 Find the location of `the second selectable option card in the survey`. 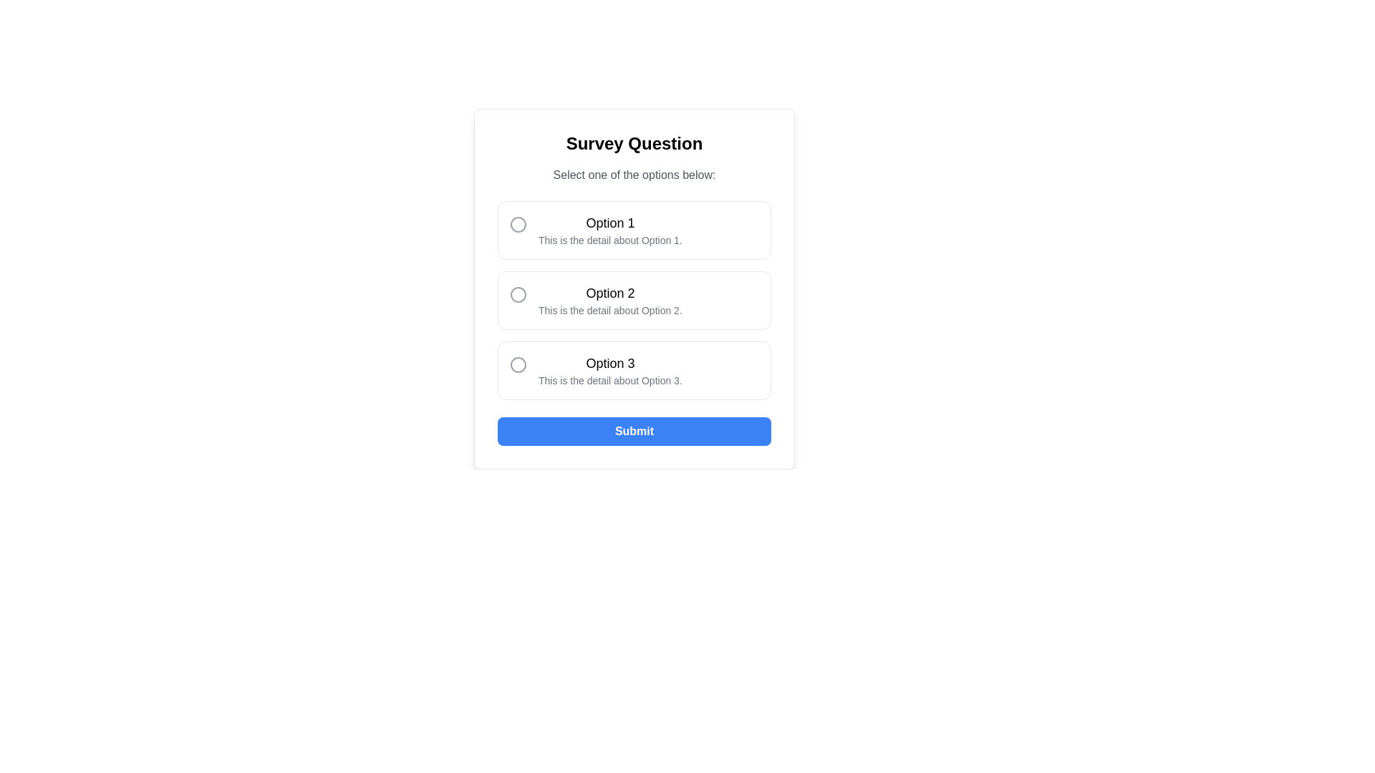

the second selectable option card in the survey is located at coordinates (610, 300).